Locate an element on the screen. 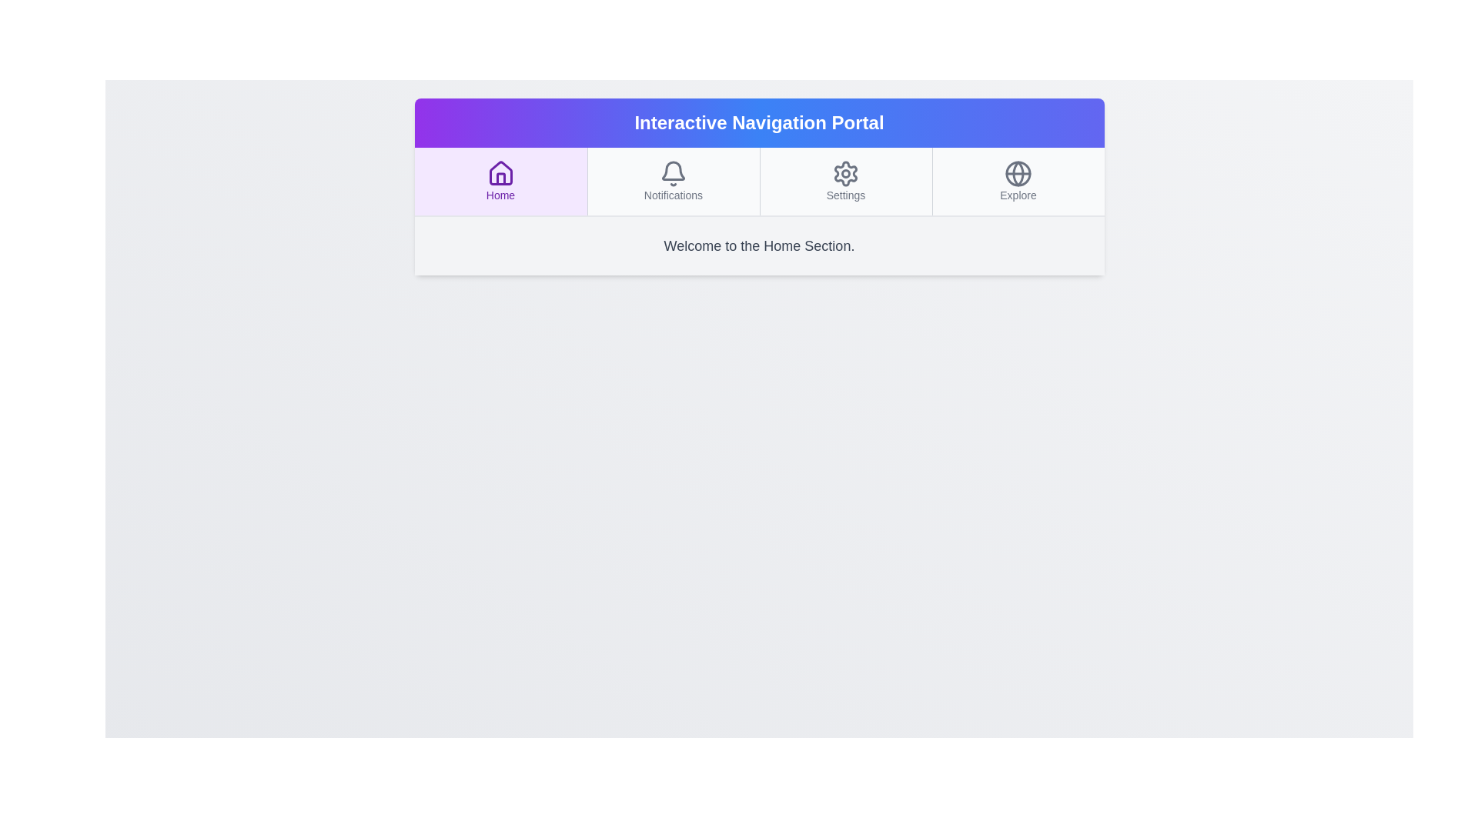  the 'Settings' icon in the navigation bar is located at coordinates (845, 173).